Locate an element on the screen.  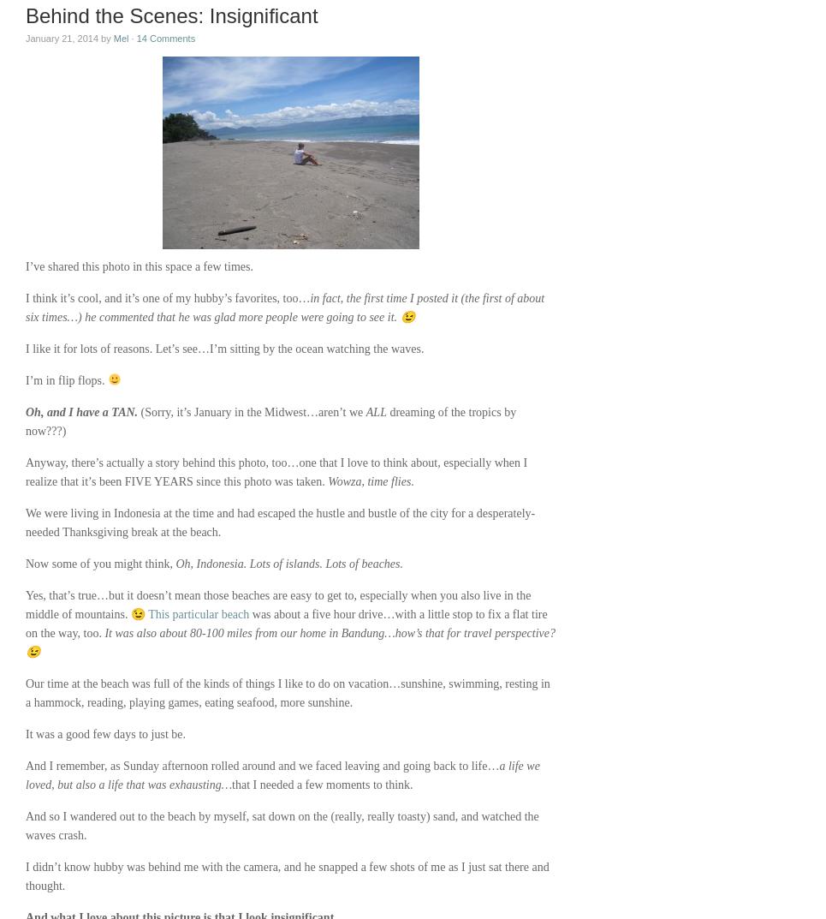
'It was a good few days to just be.' is located at coordinates (25, 733).